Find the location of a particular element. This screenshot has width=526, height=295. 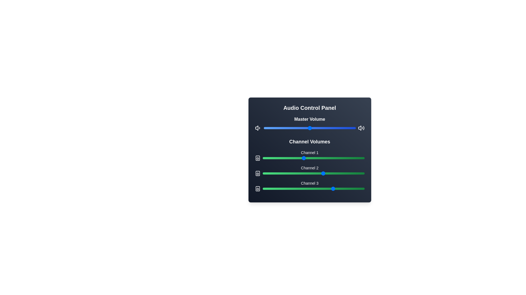

the master volume is located at coordinates (318, 128).